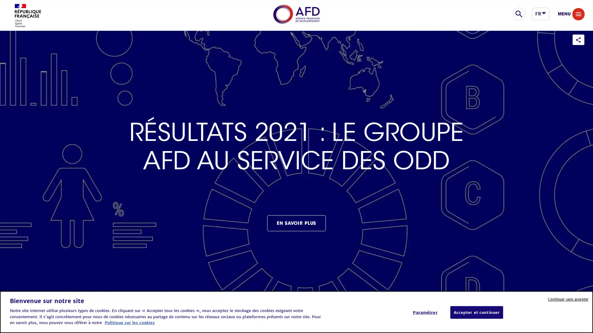  Describe the element at coordinates (476, 312) in the screenshot. I see `Accepter et continuer` at that location.